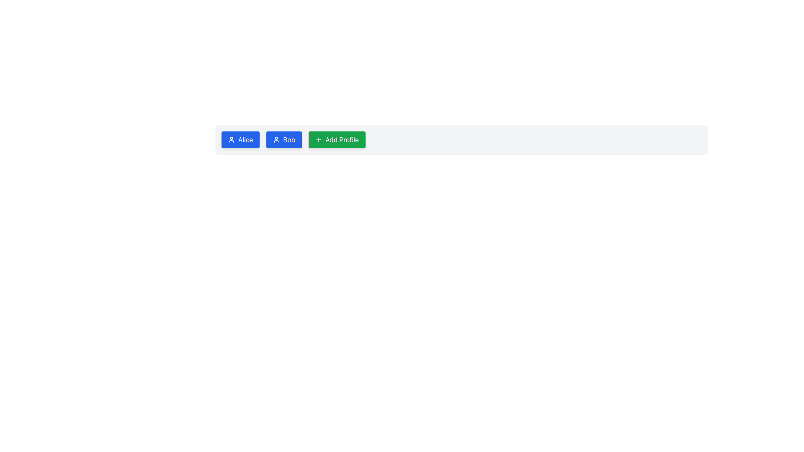 Image resolution: width=804 pixels, height=452 pixels. I want to click on the rectangular button labeled 'Bob' with a blue background and white text to trigger the hover effect, so click(284, 139).